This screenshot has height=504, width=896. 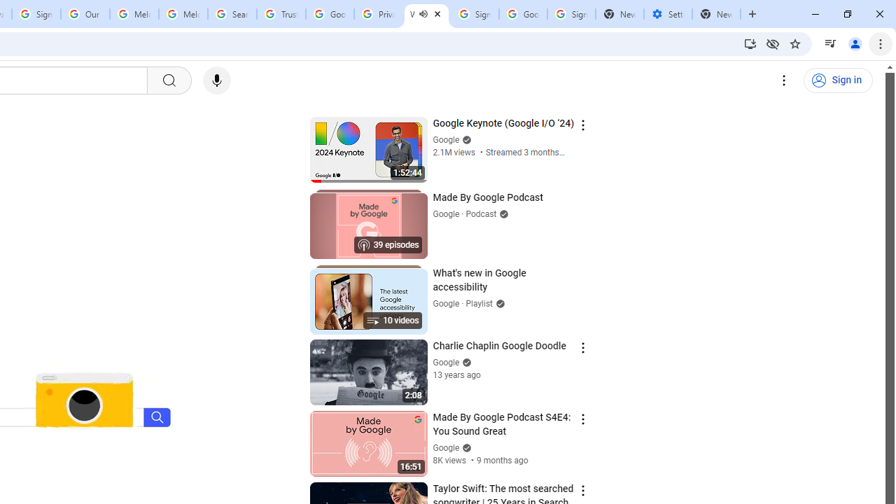 What do you see at coordinates (280, 14) in the screenshot?
I see `'Trusted Information and Content - Google Safety Center'` at bounding box center [280, 14].